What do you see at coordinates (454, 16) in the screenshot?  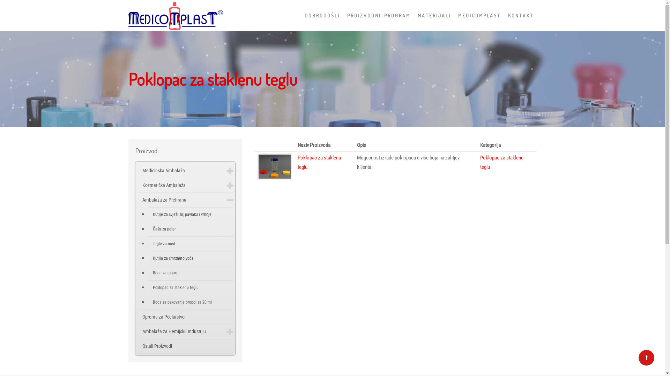 I see `'M E D I C O M P L A S T'` at bounding box center [454, 16].